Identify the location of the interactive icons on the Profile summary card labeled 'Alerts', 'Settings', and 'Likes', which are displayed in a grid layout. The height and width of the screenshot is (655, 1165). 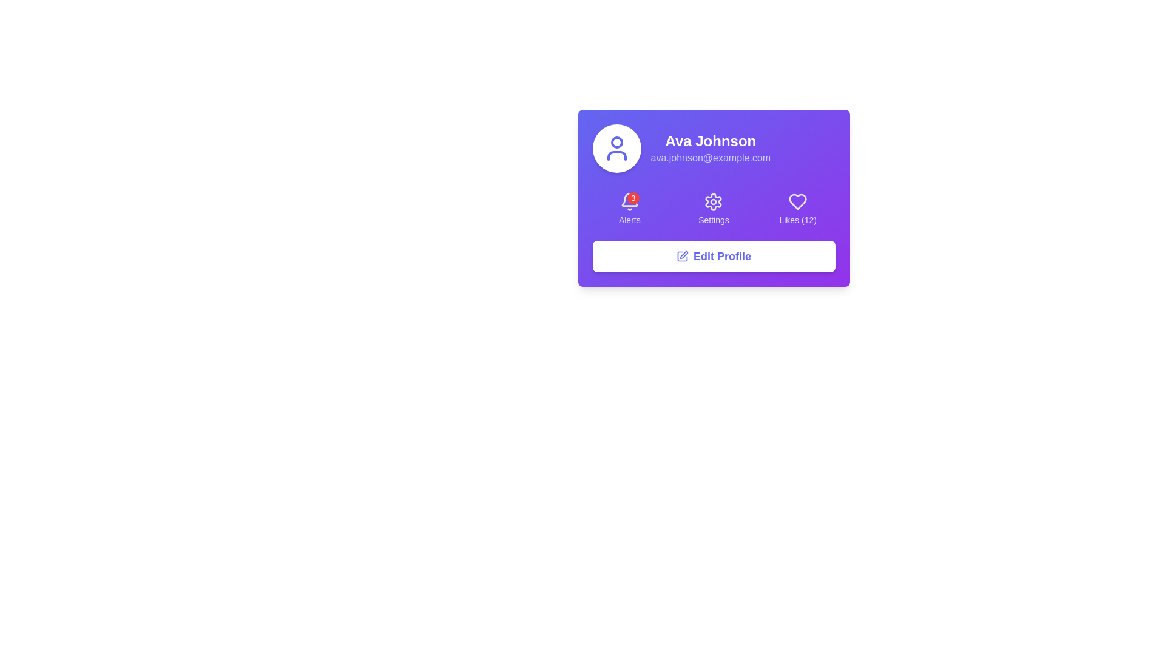
(714, 198).